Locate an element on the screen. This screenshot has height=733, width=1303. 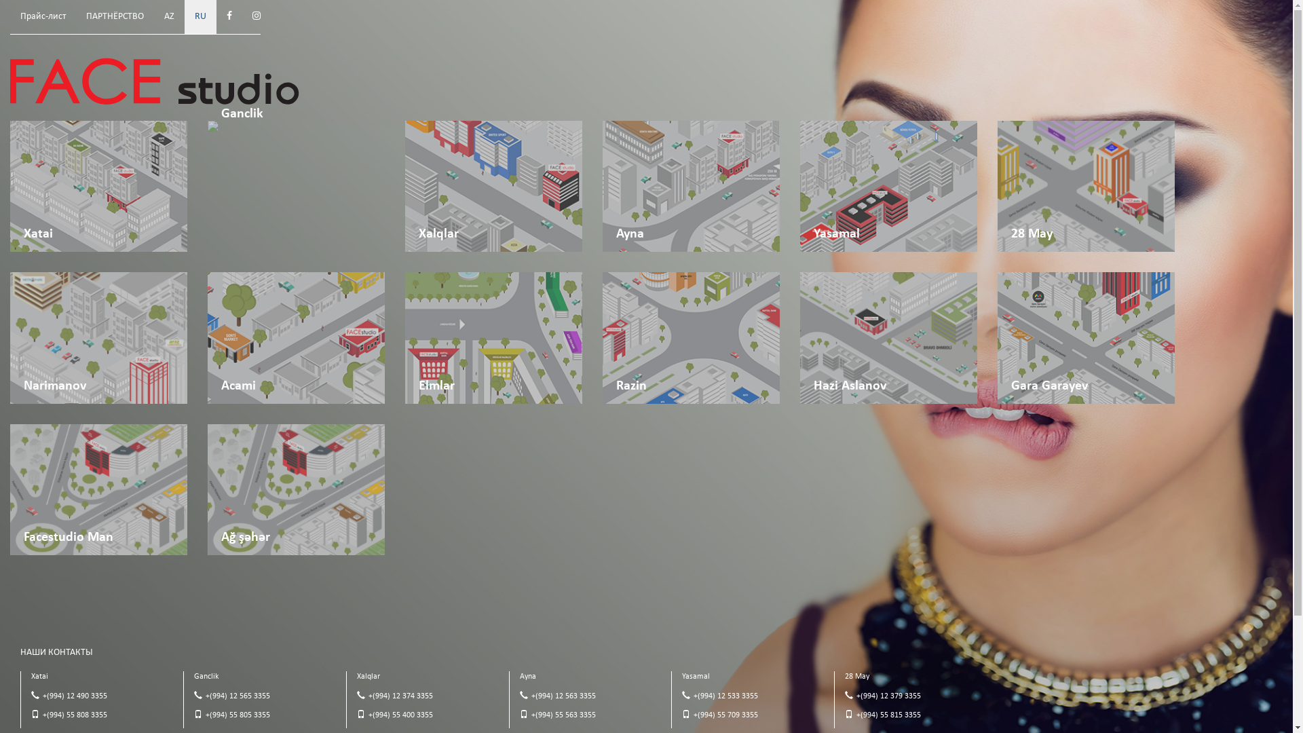
'Ayna' is located at coordinates (691, 186).